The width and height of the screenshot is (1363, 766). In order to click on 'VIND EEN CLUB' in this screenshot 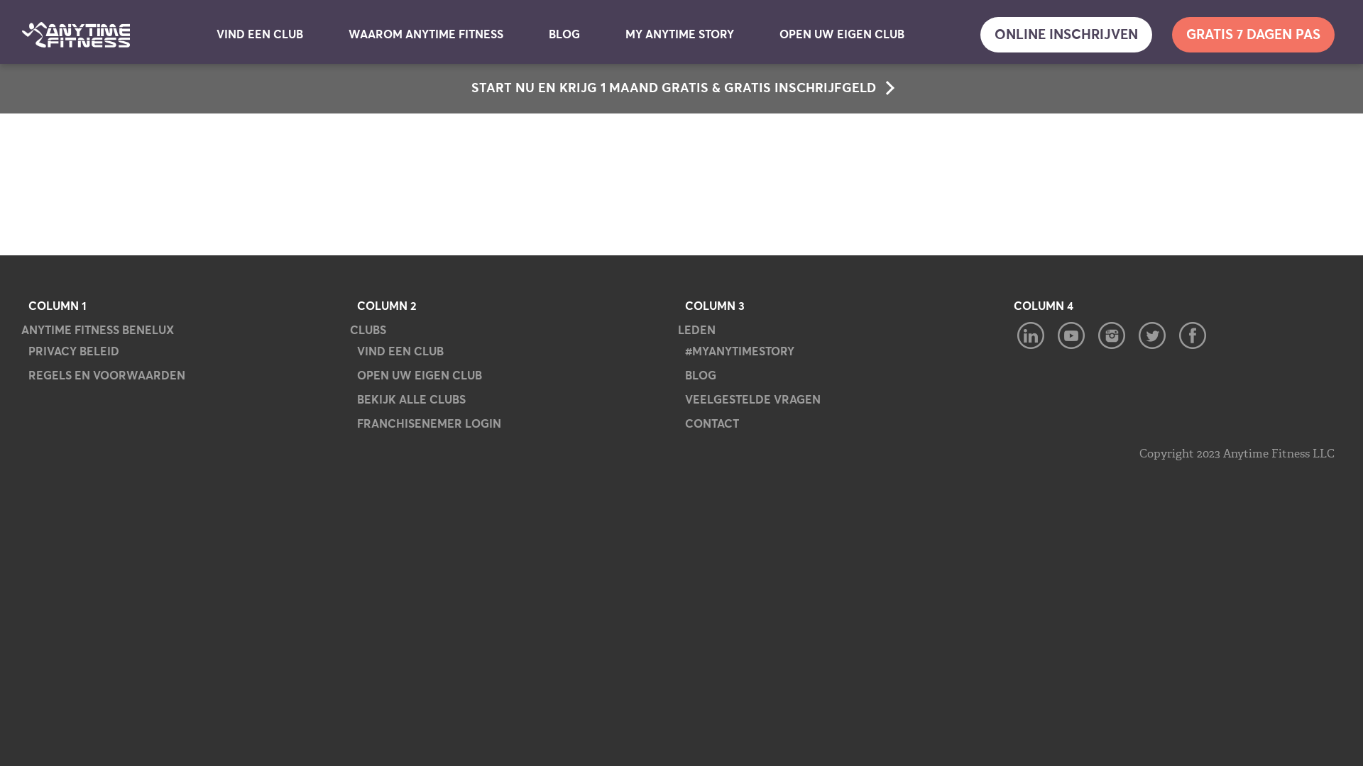, I will do `click(349, 350)`.